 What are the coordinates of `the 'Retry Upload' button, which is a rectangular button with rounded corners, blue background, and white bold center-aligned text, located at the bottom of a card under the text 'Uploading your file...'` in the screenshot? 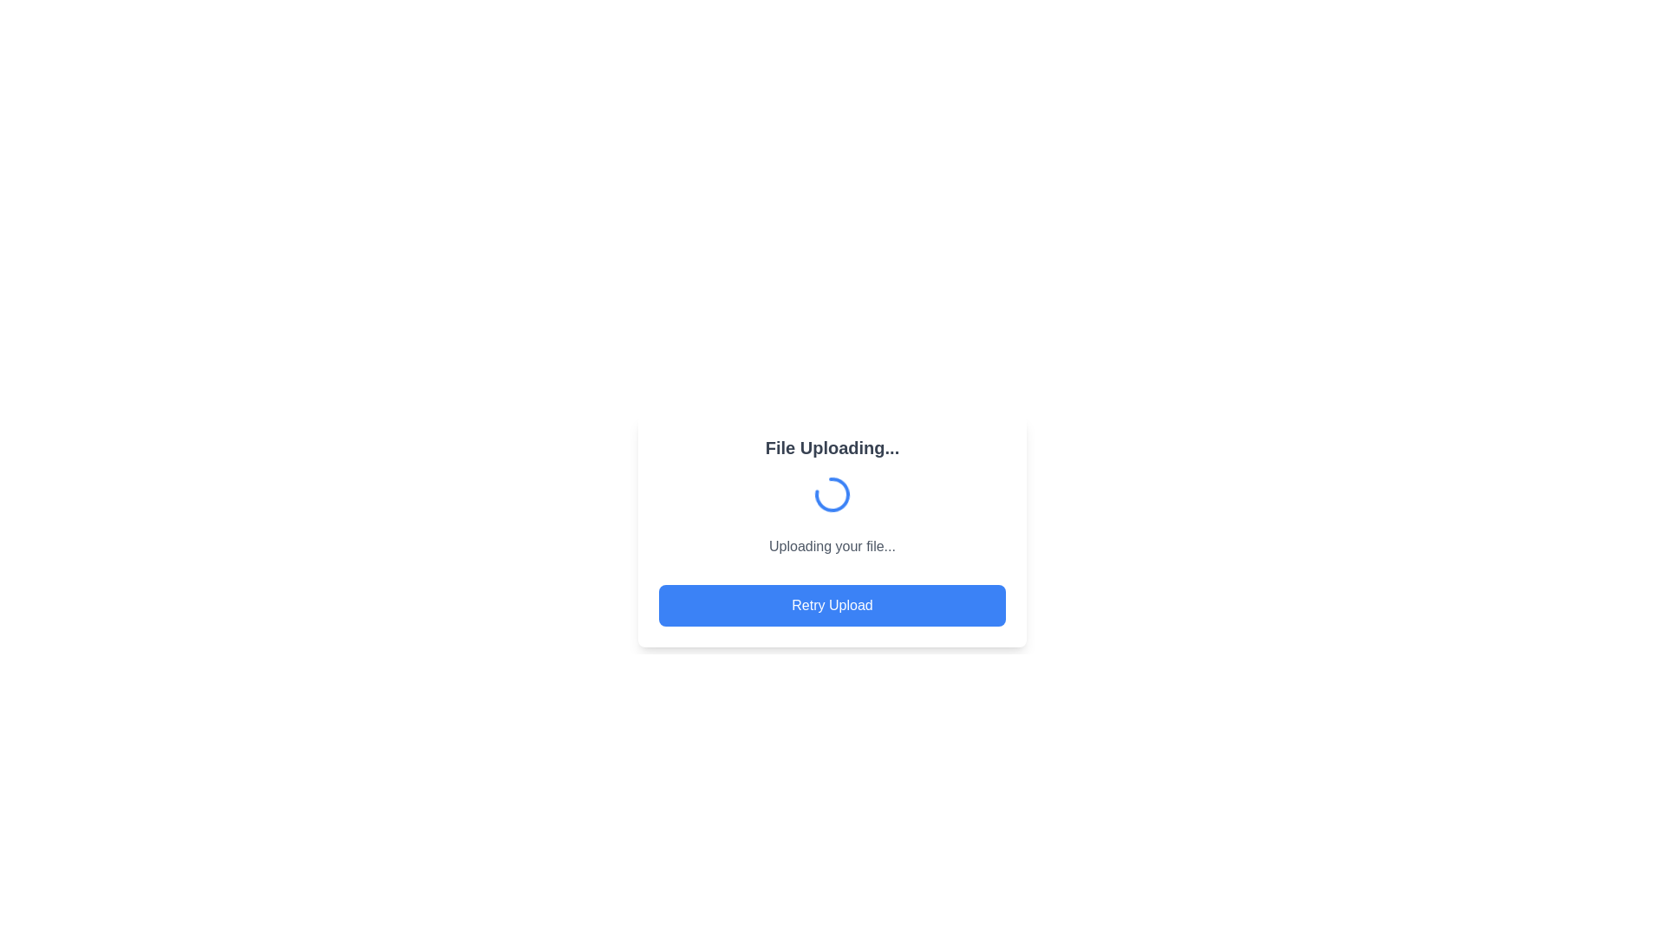 It's located at (832, 604).